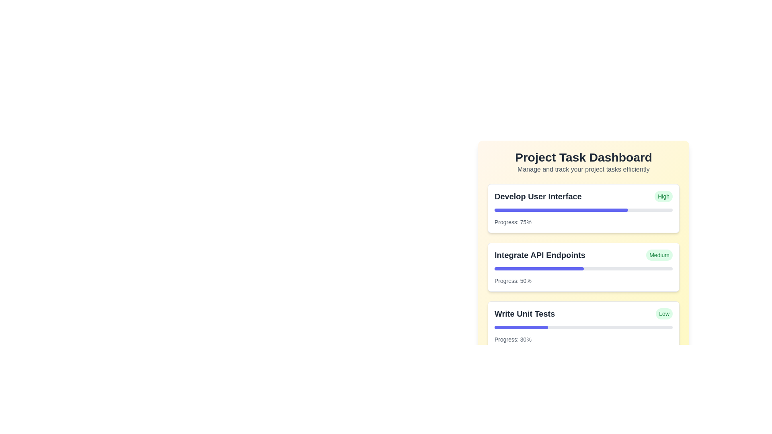  Describe the element at coordinates (538, 197) in the screenshot. I see `the main title label that identifies a specific task in the dashboard, positioned to the left of the 'High' priority label` at that location.